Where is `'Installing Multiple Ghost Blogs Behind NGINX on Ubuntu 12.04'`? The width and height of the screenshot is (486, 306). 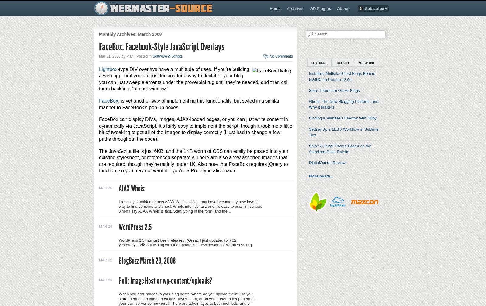
'Installing Multiple Ghost Blogs Behind NGINX on Ubuntu 12.04' is located at coordinates (309, 76).